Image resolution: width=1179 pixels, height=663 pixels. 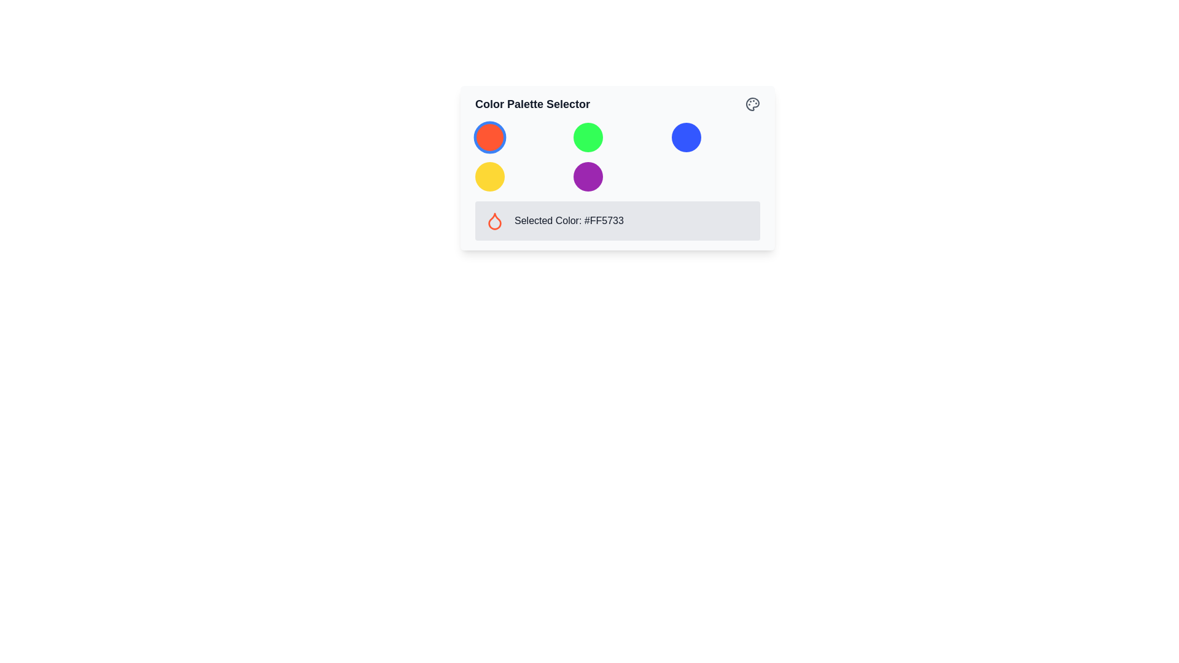 I want to click on the palette-shaped icon with a circular outline and small dots inside, located at the rightmost position under the 'Color Palette Selector' section, so click(x=752, y=103).